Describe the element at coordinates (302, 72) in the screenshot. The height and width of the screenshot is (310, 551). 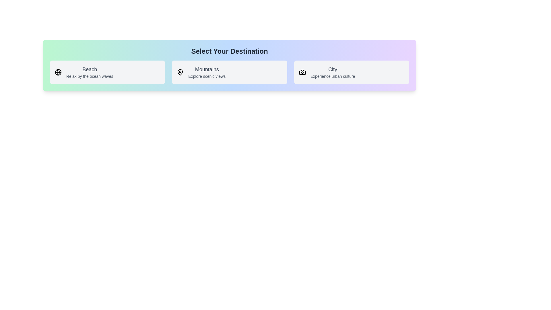
I see `the small, square camera icon located within the rightmost option card titled 'City' under the heading 'Select Your Destination', which features a minimalist outlined camera design` at that location.